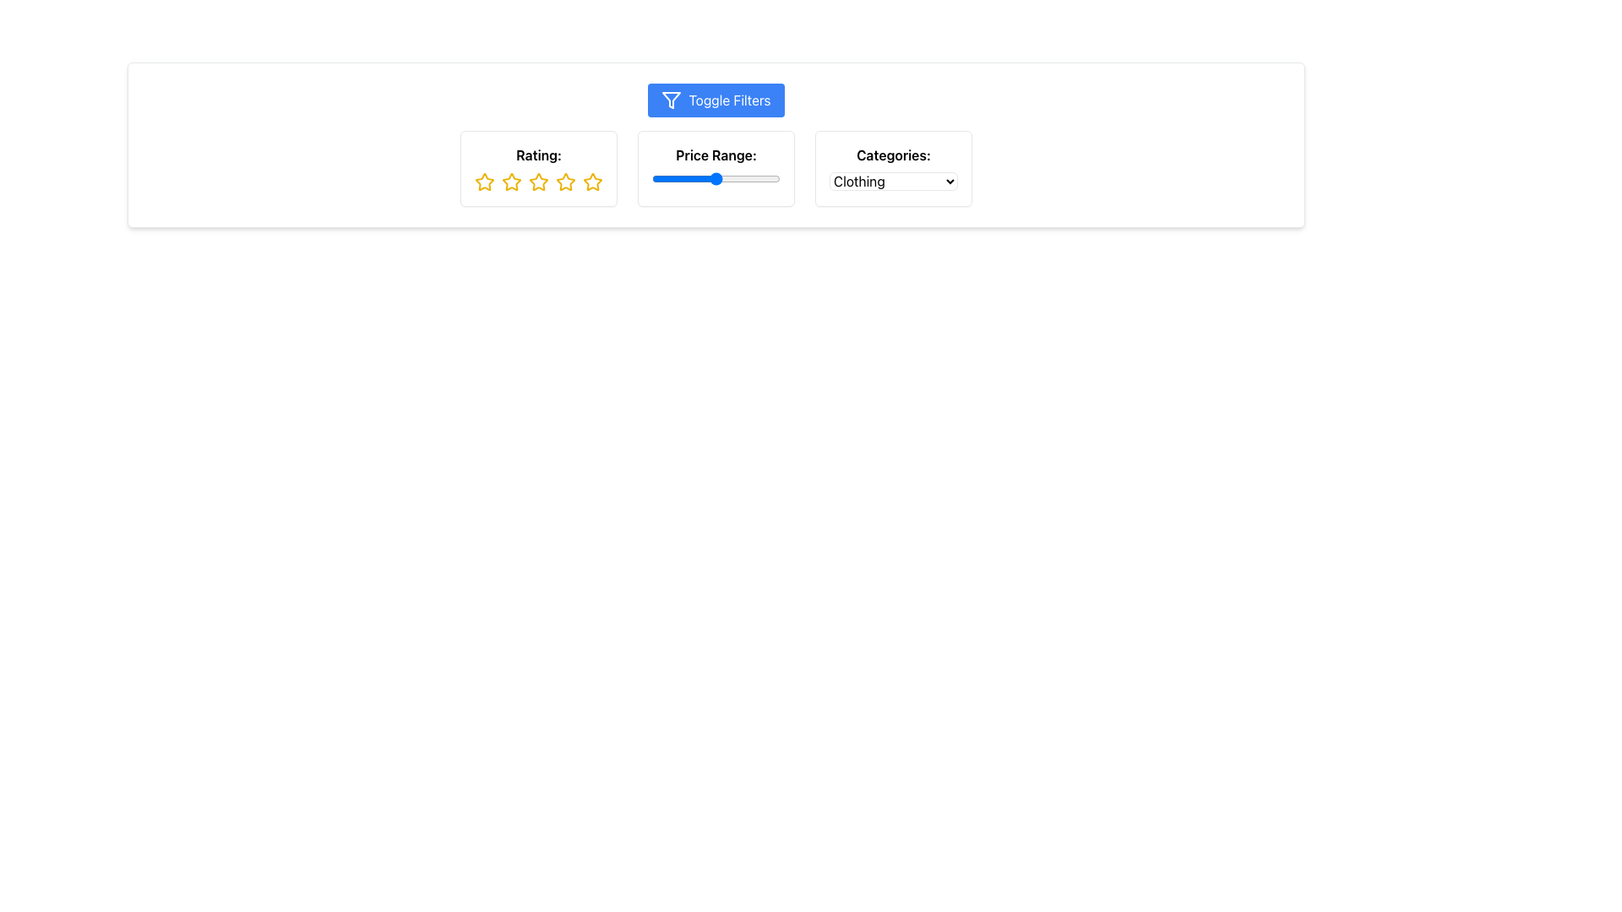 This screenshot has width=1622, height=912. I want to click on the third yellow outlined star icon in the rating section located under the category 'Rating:' at the top of the interface, so click(538, 182).